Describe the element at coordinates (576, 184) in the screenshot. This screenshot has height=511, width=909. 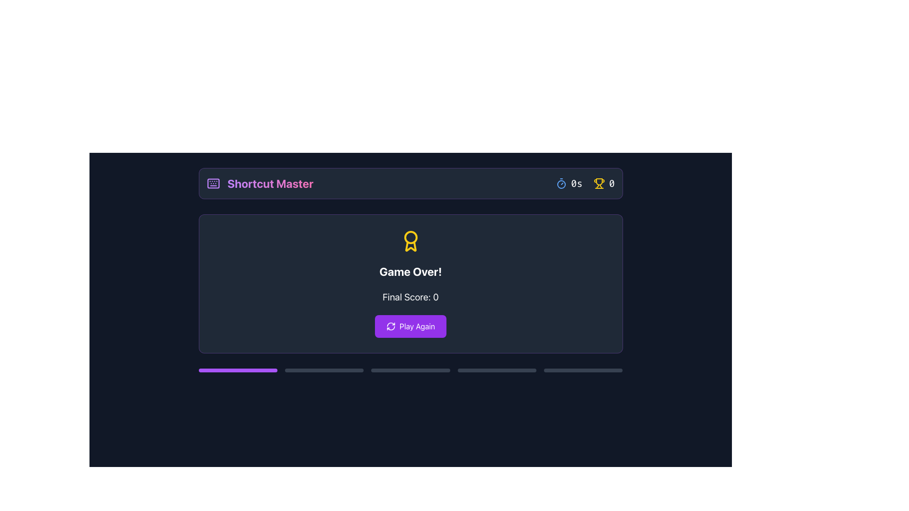
I see `the static text label displaying '0s', which is styled in white on a dark background and is the second item in a horizontal layout of metrics or timers` at that location.